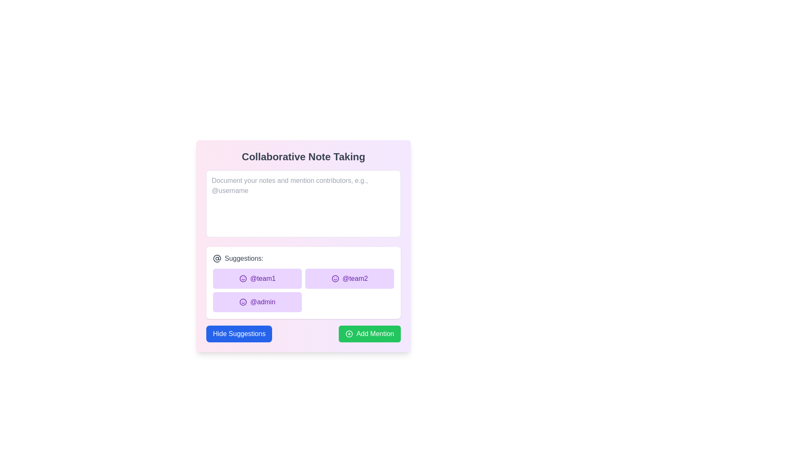  What do you see at coordinates (243, 302) in the screenshot?
I see `the central circular outline within the SVG-based smiley icon located inside the '@admin' suggestions section` at bounding box center [243, 302].